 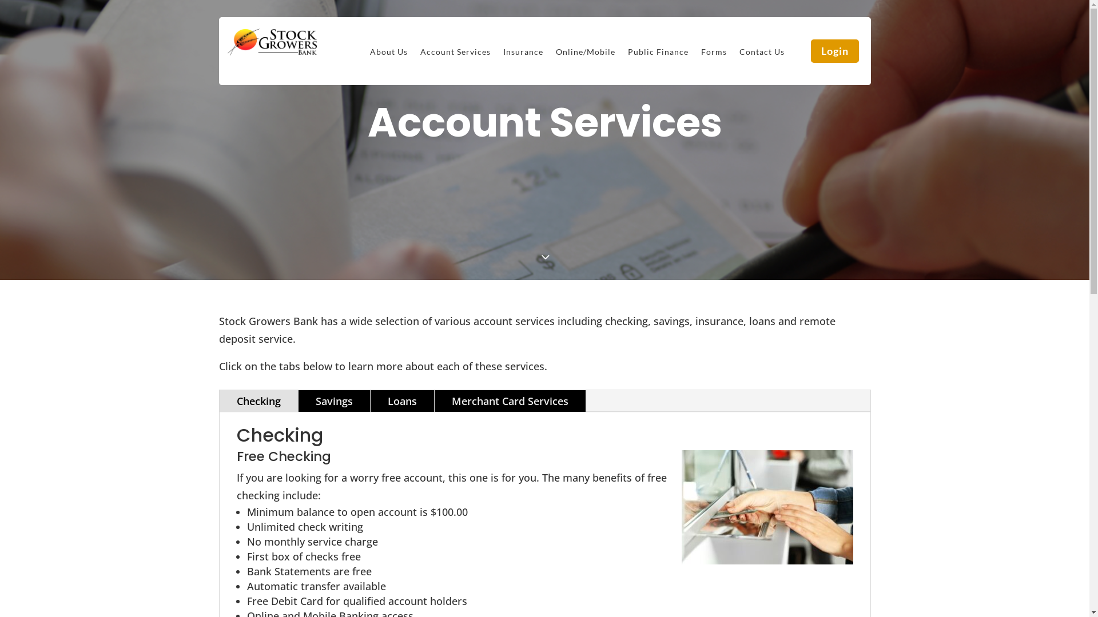 What do you see at coordinates (258, 400) in the screenshot?
I see `'Checking'` at bounding box center [258, 400].